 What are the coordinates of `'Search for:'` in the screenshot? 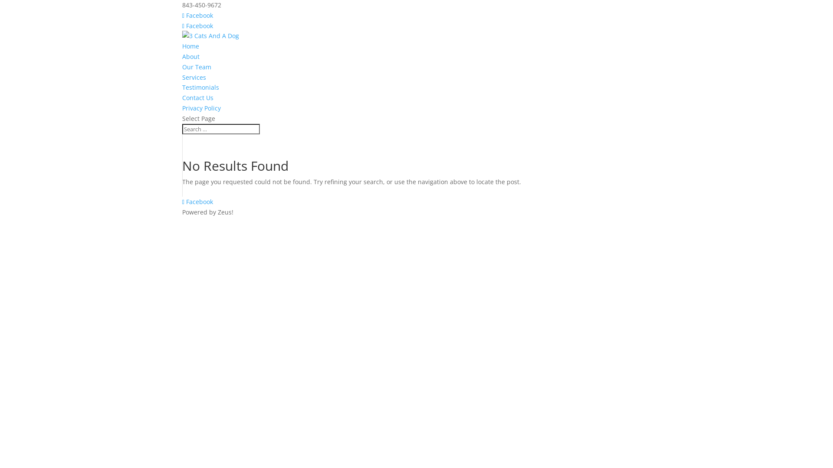 It's located at (221, 129).